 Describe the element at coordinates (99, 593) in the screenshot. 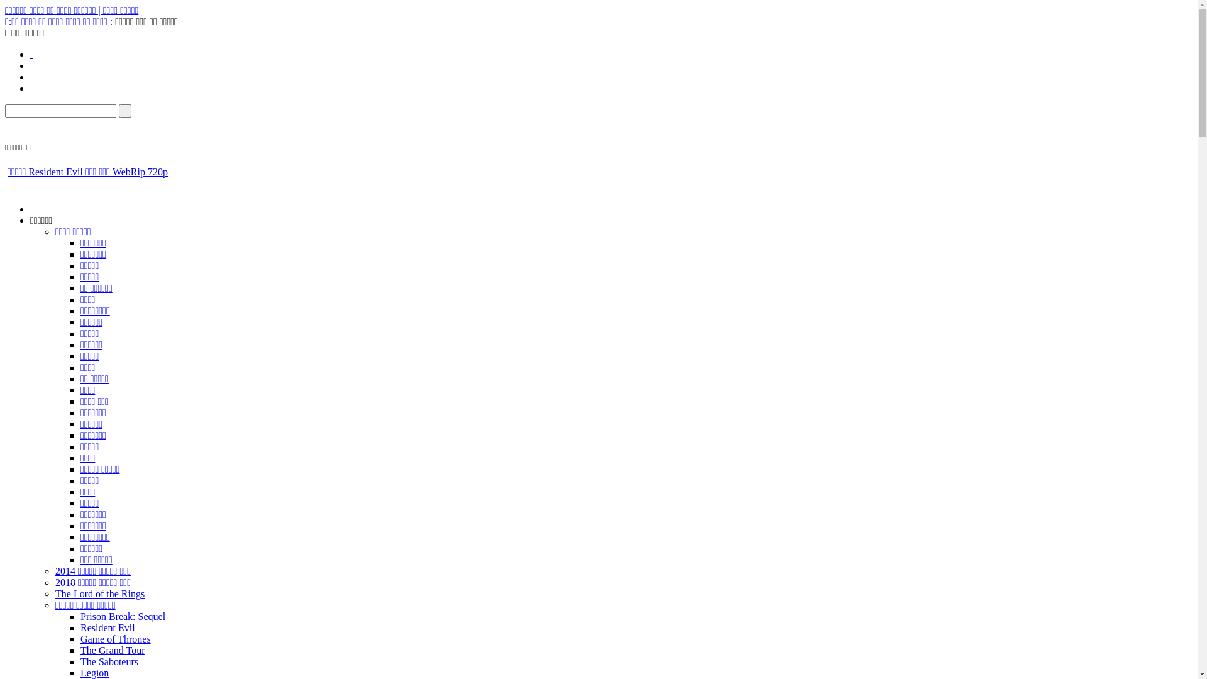

I see `'The Lord of the Rings'` at that location.